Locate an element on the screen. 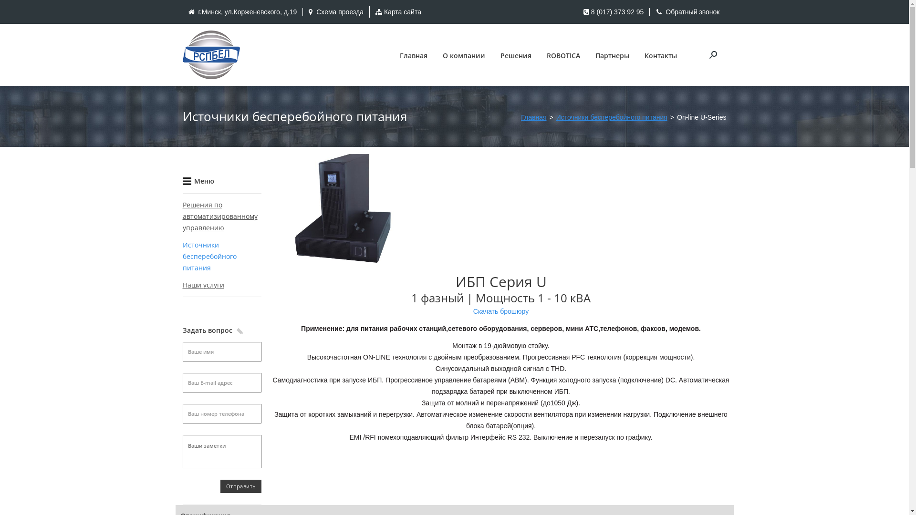 This screenshot has width=916, height=515. 'ROBOTICA' is located at coordinates (563, 55).